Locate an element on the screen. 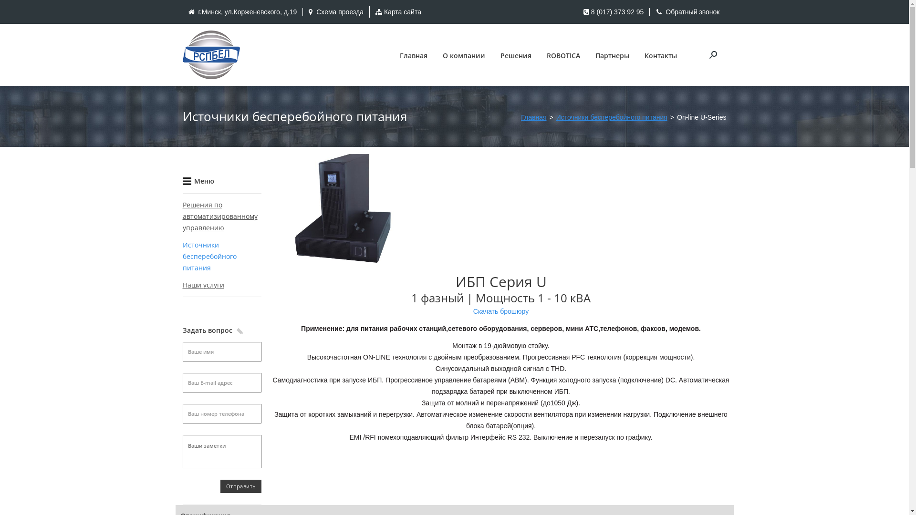 This screenshot has width=916, height=515. 'ROBOTICA' is located at coordinates (563, 55).